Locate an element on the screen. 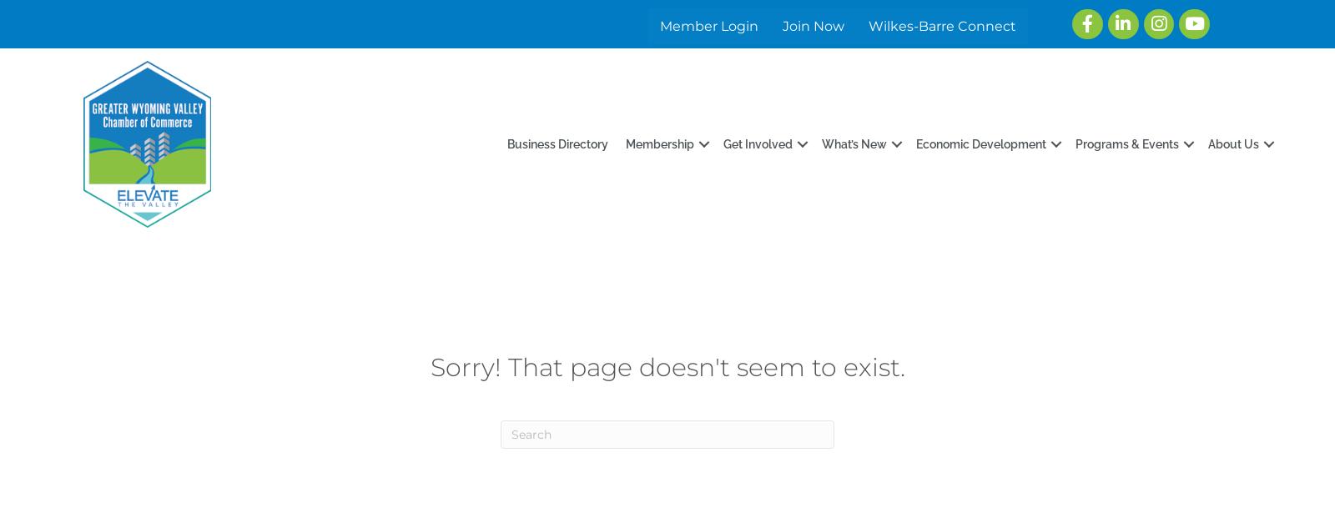 This screenshot has width=1335, height=528. 'Economic Development' is located at coordinates (981, 143).